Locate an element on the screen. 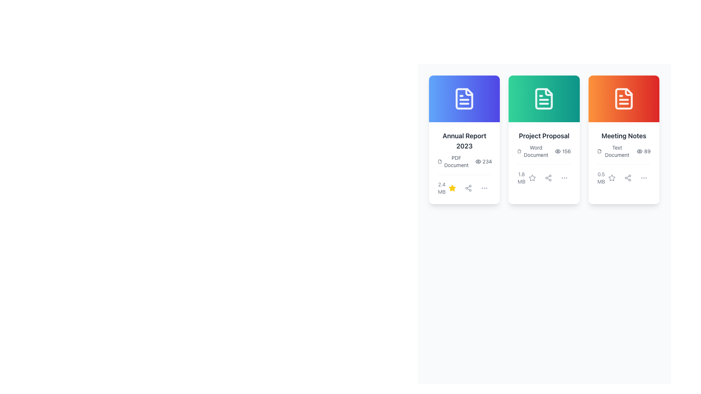  the decorative icon located at the top of the 'Project Proposal' card, which visually represents the document type is located at coordinates (544, 98).